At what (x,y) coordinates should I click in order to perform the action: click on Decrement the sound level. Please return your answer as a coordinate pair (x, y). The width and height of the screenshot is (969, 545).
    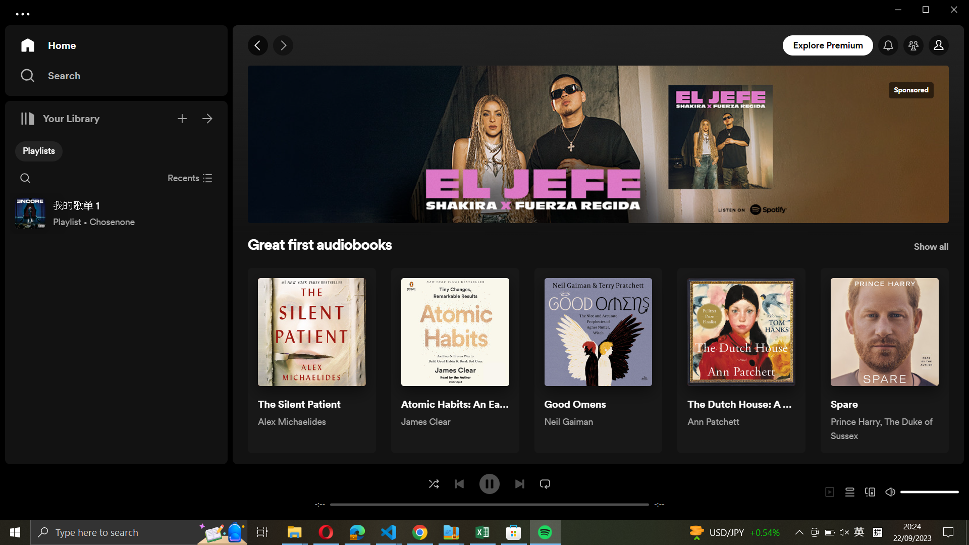
    Looking at the image, I should click on (904, 491).